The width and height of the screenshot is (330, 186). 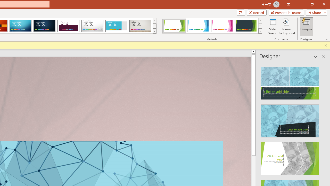 I want to click on 'Frame', so click(x=116, y=26).